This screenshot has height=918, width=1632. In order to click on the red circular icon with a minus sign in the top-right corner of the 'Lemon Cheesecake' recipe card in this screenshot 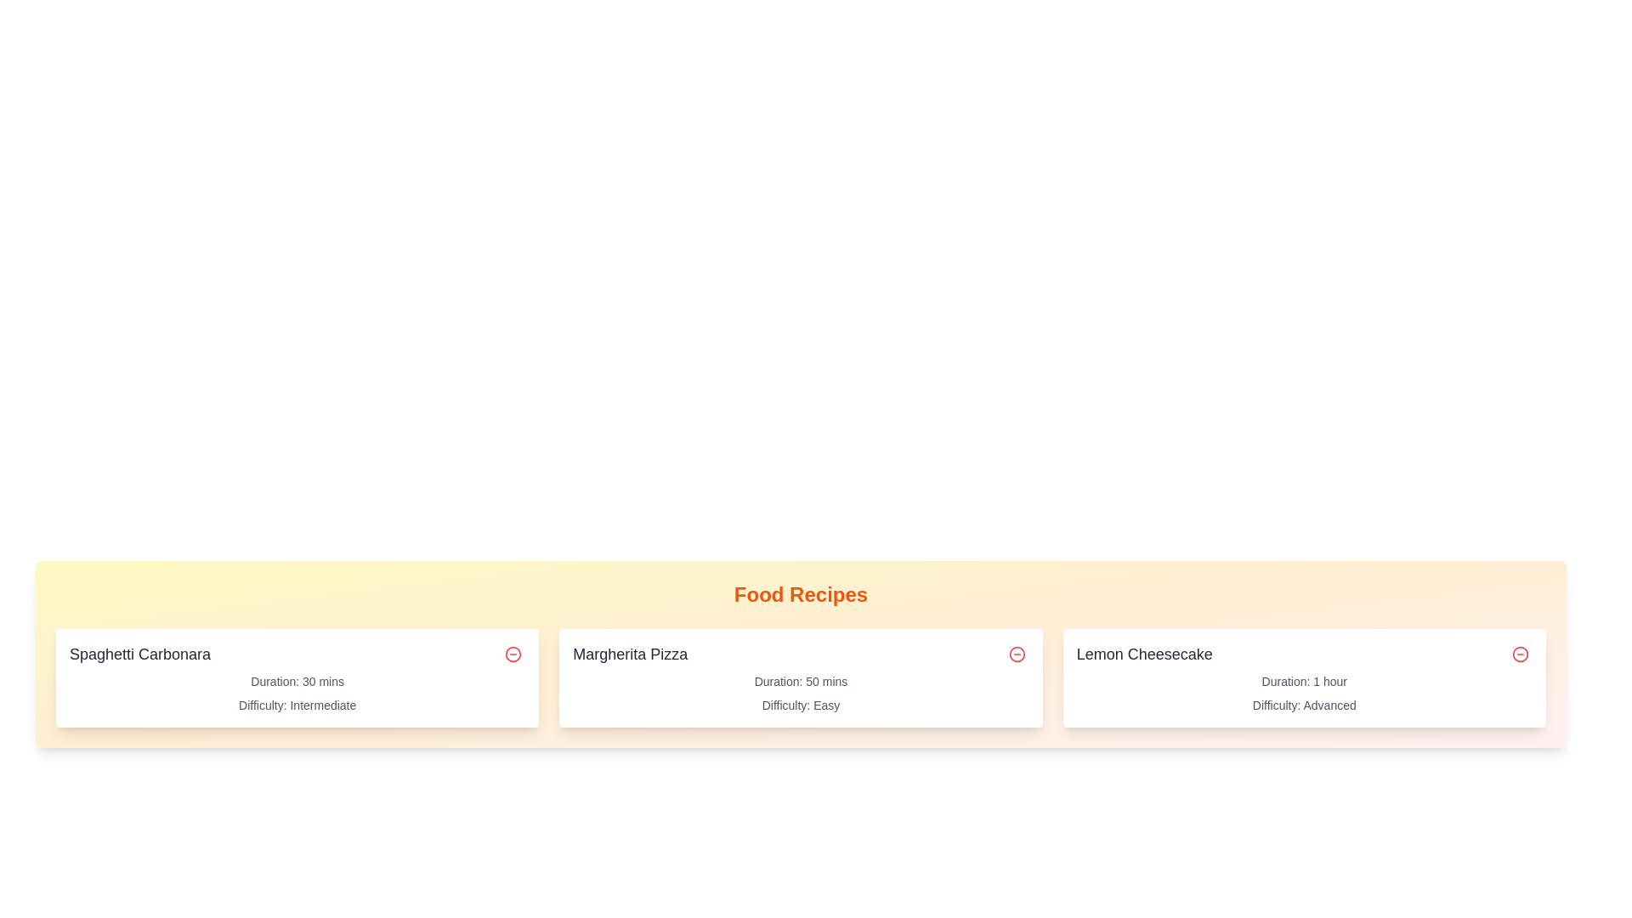, I will do `click(1521, 654)`.